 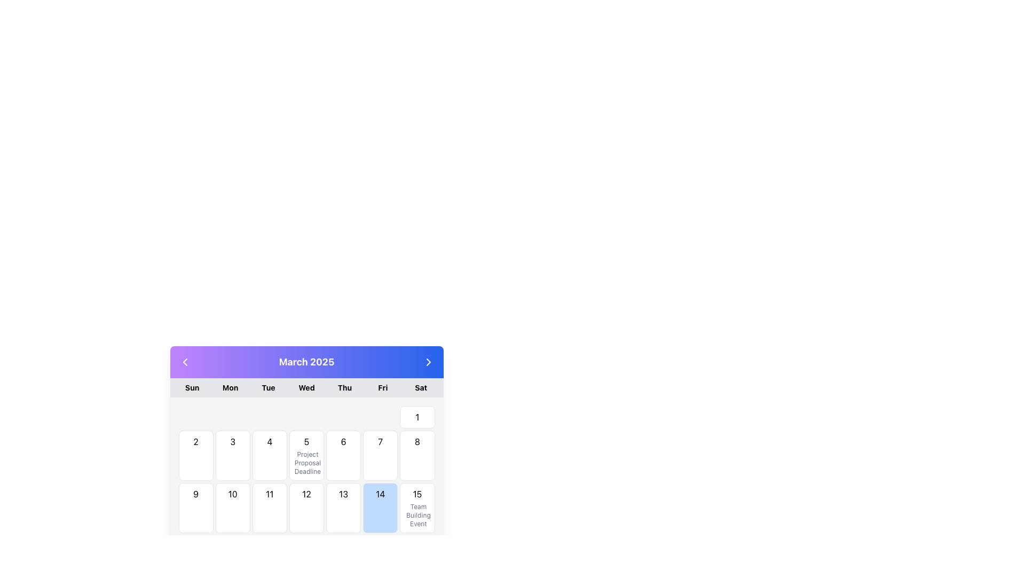 I want to click on the calendar date cell displaying '4', so click(x=270, y=455).